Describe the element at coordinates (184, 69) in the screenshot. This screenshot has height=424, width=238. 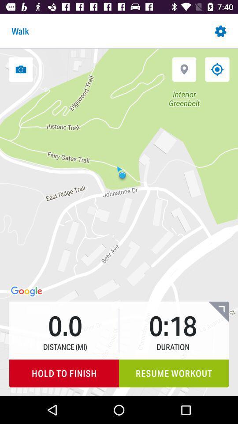
I see `the item above the 0:18` at that location.